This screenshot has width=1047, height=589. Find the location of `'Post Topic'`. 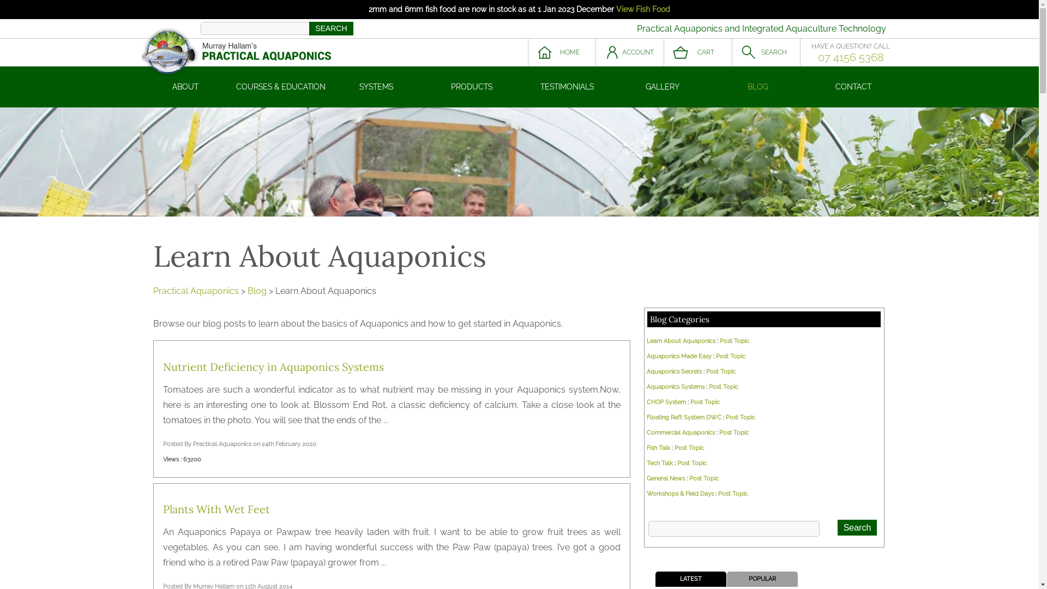

'Post Topic' is located at coordinates (716, 356).